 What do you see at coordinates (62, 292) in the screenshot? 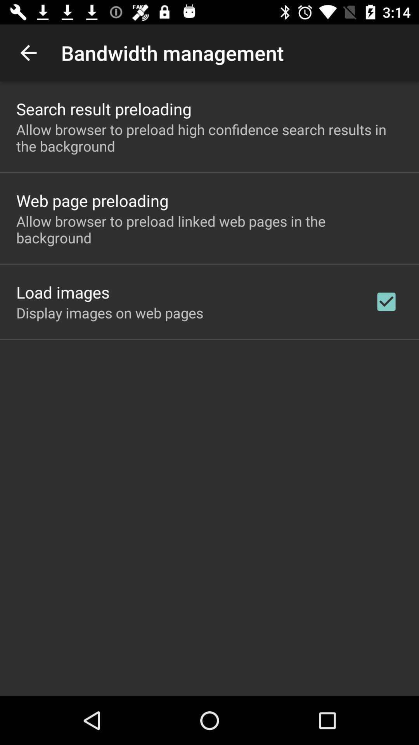
I see `load images` at bounding box center [62, 292].